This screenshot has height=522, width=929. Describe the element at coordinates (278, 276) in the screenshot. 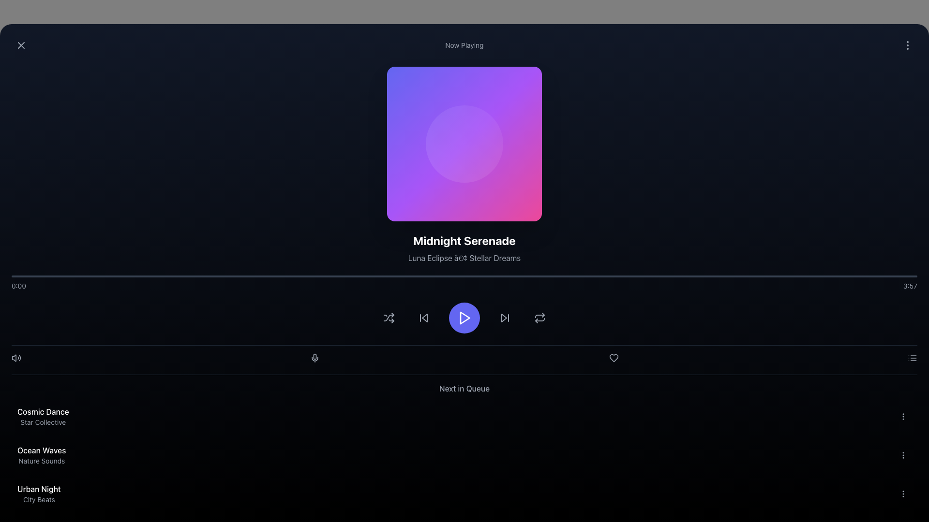

I see `playback` at that location.